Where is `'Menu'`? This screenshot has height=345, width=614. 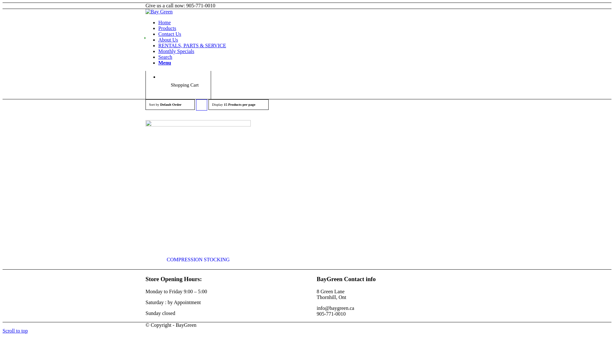 'Menu' is located at coordinates (164, 63).